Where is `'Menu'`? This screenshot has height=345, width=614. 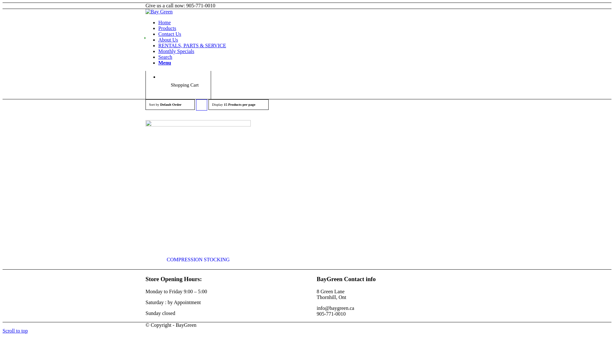 'Menu' is located at coordinates (164, 63).